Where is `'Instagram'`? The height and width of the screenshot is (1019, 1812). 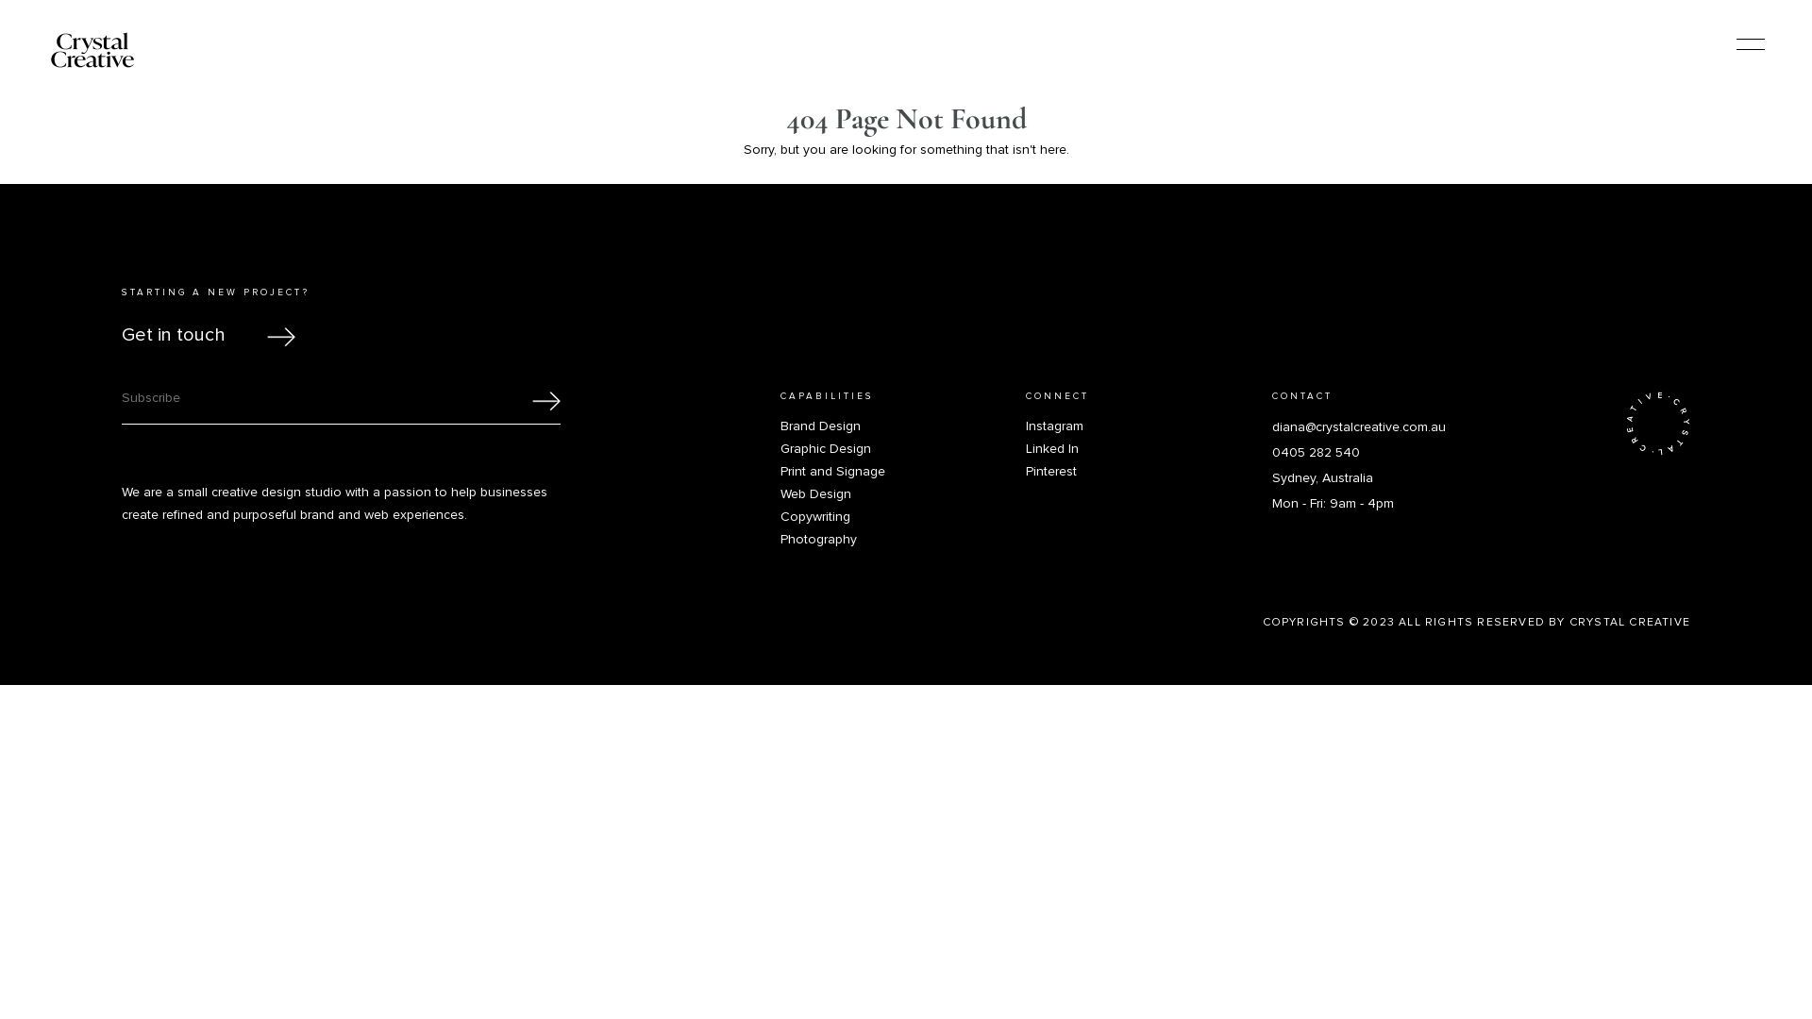 'Instagram' is located at coordinates (1024, 426).